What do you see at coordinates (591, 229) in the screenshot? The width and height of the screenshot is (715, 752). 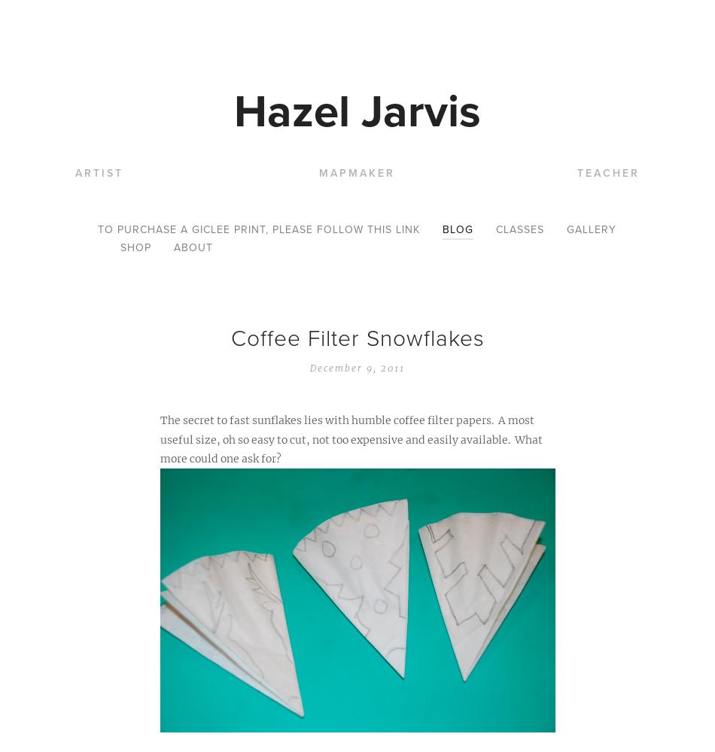 I see `'Gallery'` at bounding box center [591, 229].